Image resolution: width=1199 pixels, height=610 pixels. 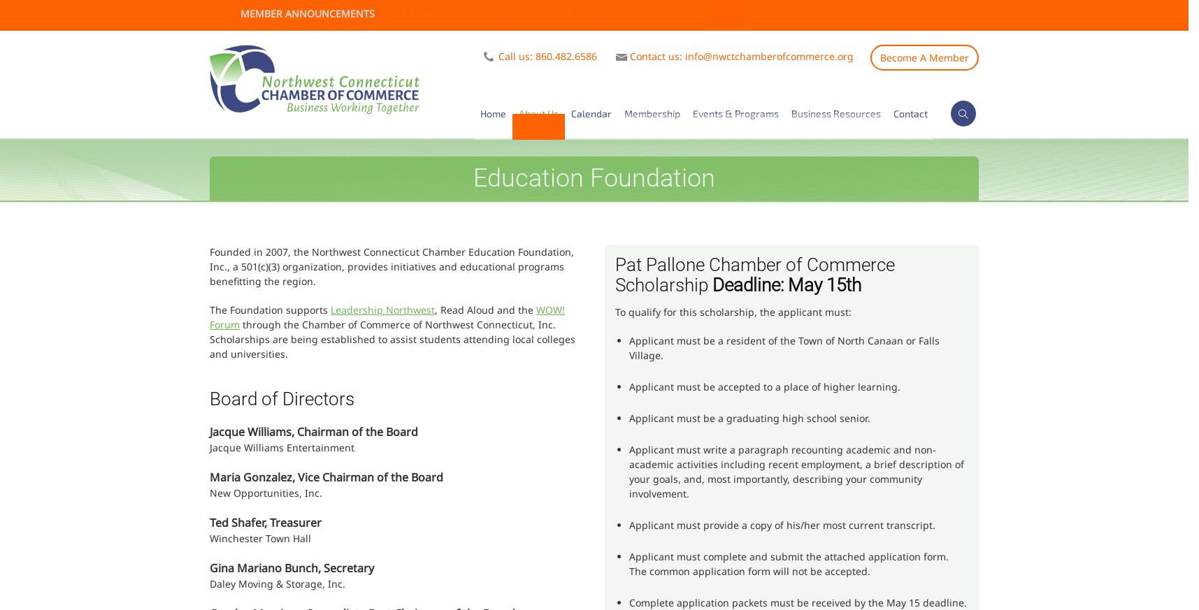 I want to click on 'Maria Gonzalez, Vice Chairman of the Board', so click(x=326, y=476).